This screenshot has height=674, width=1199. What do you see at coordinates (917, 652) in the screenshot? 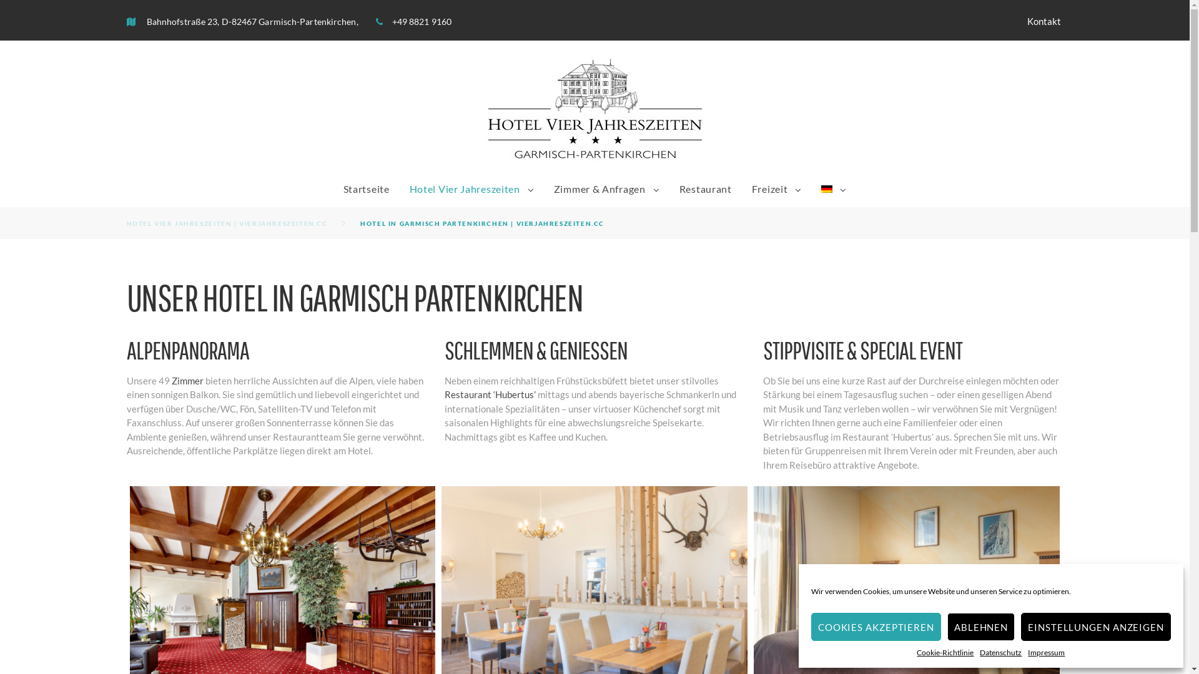
I see `'Cookie-Richtlinie'` at bounding box center [917, 652].